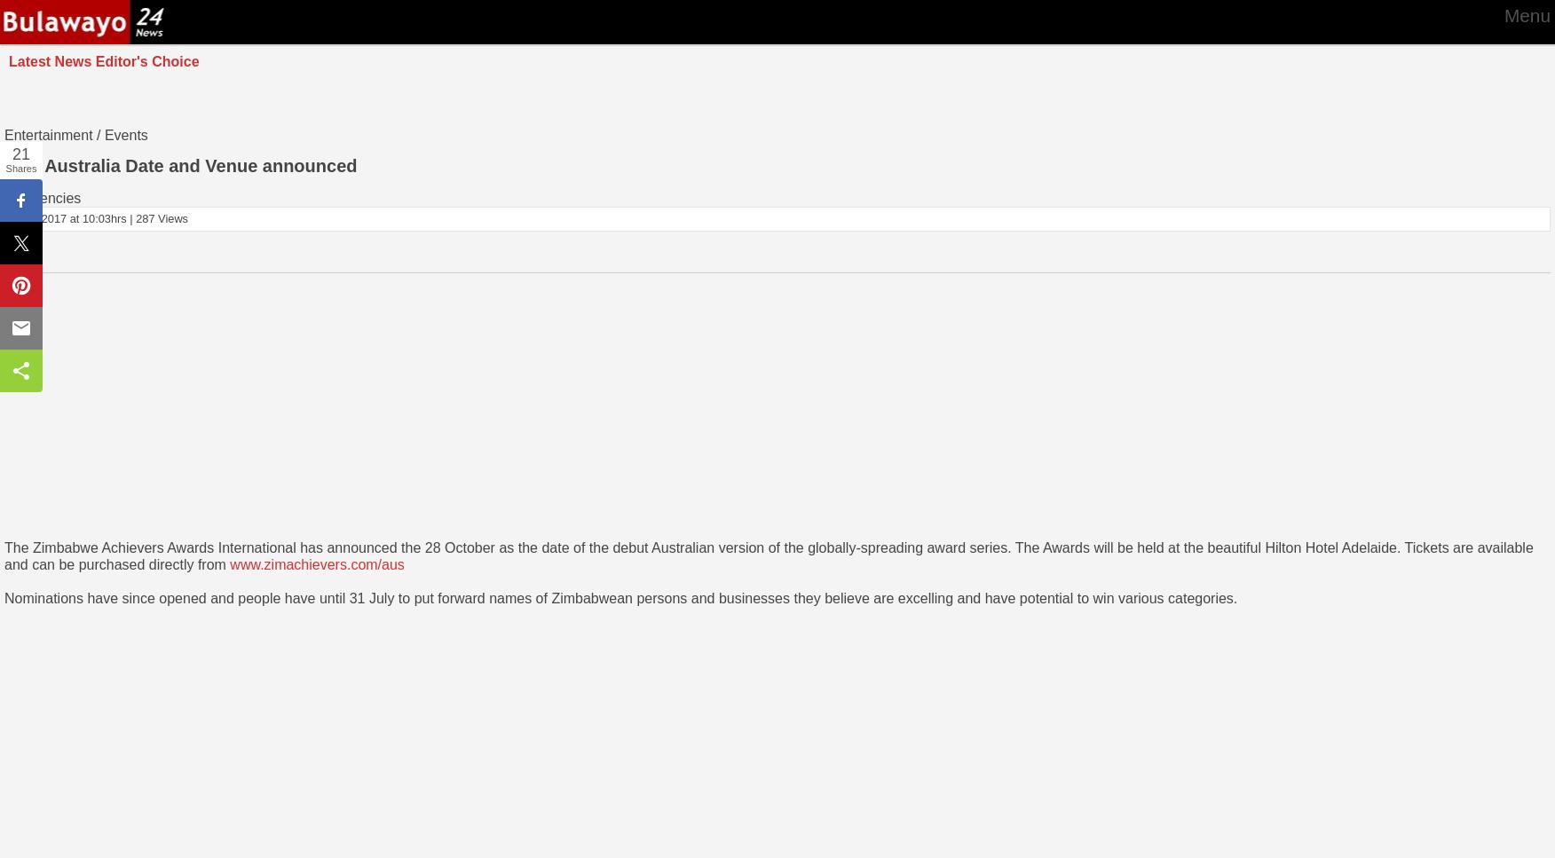  I want to click on 'Pin', so click(20, 285).